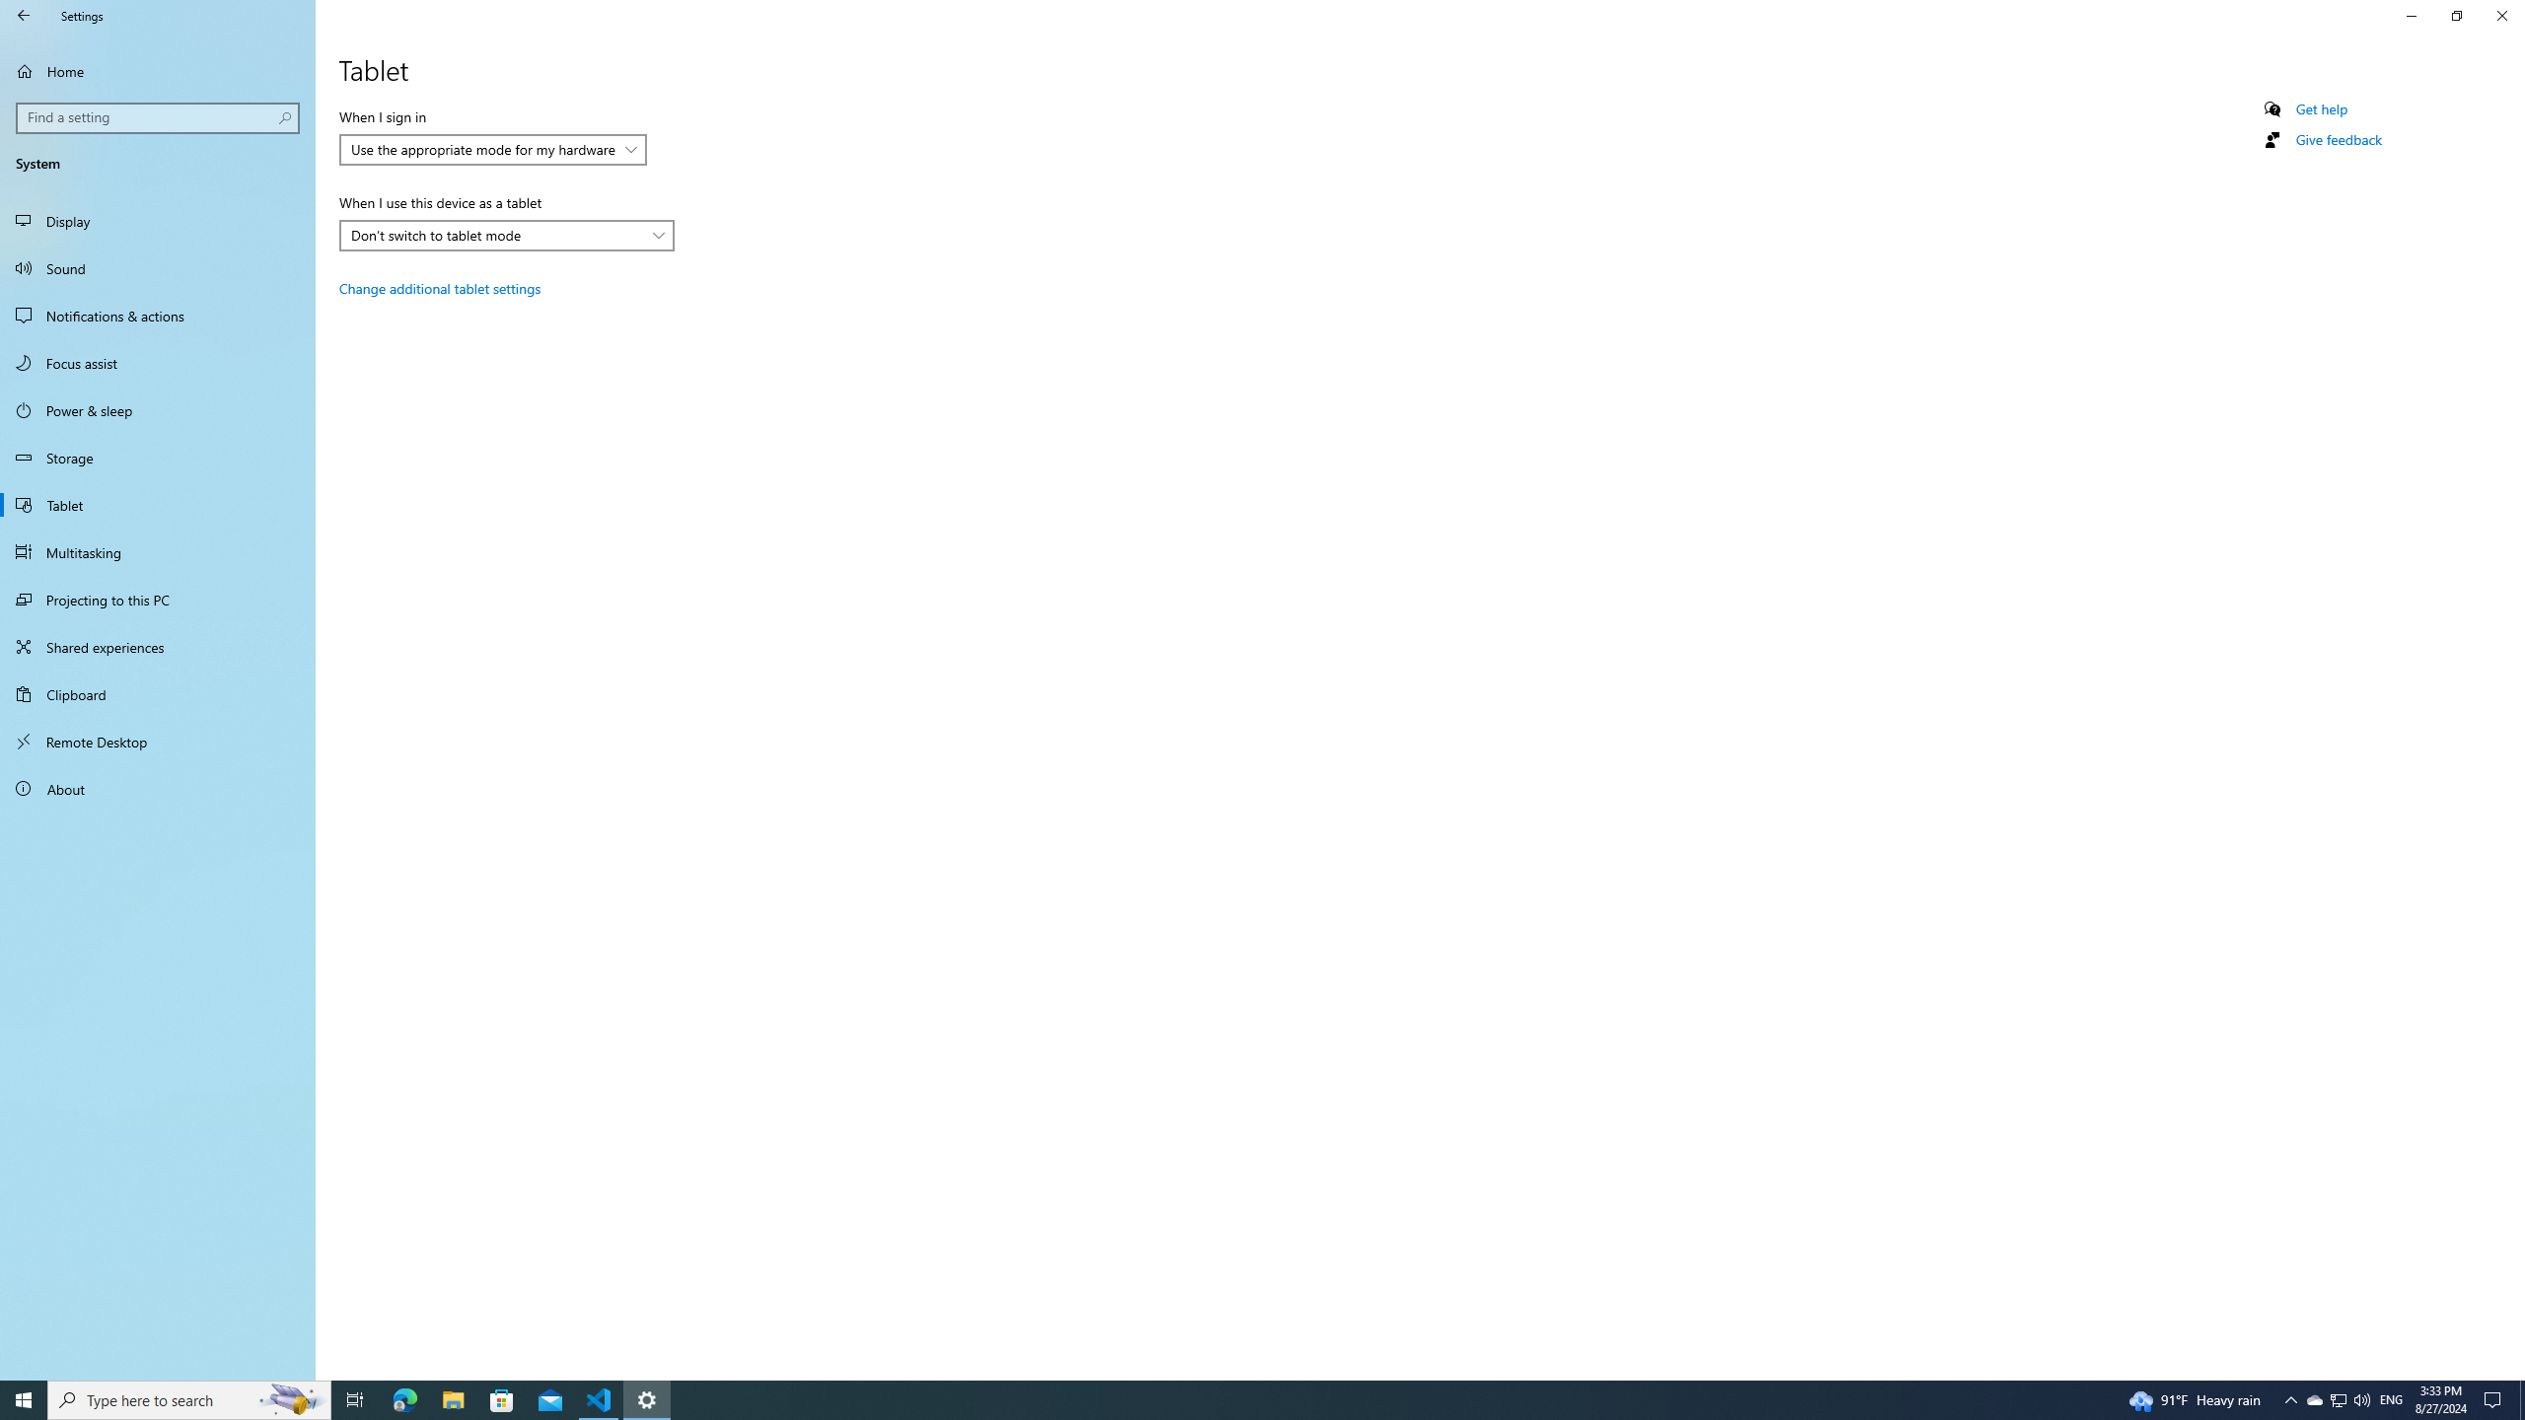  Describe the element at coordinates (506, 235) in the screenshot. I see `'When I use this device as a tablet'` at that location.